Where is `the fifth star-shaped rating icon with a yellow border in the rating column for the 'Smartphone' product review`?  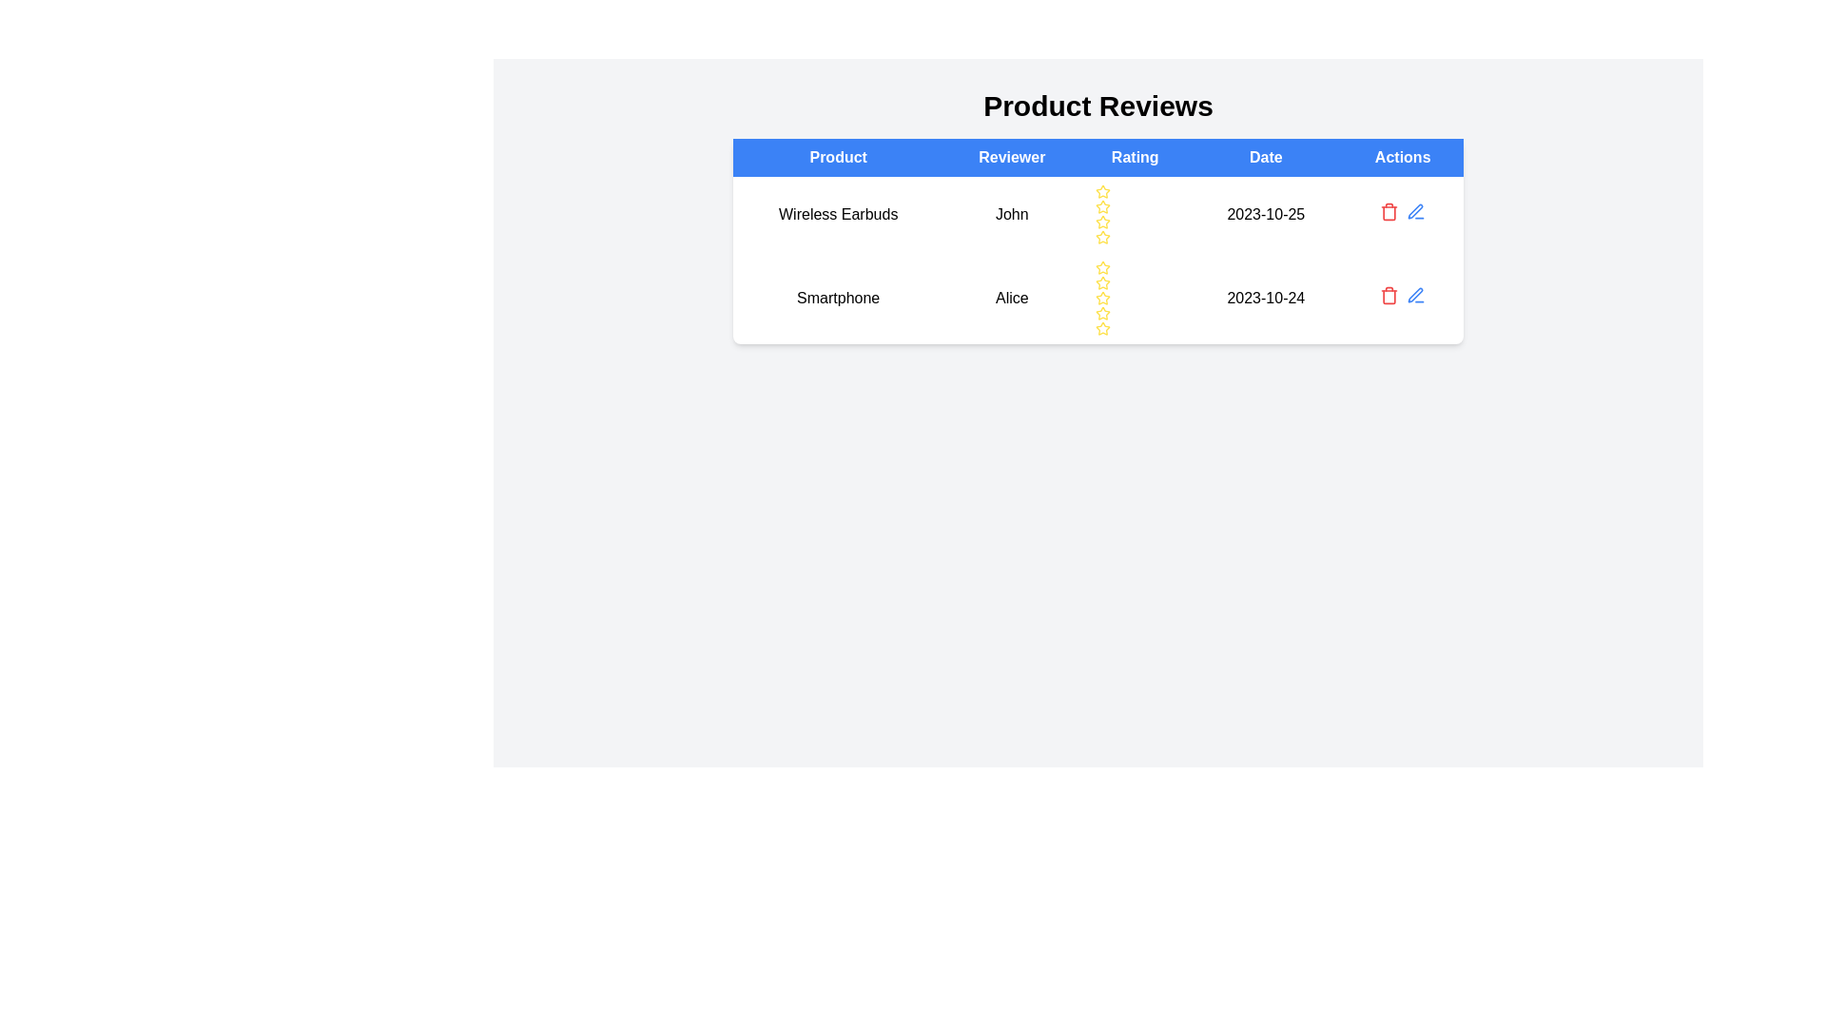 the fifth star-shaped rating icon with a yellow border in the rating column for the 'Smartphone' product review is located at coordinates (1103, 328).